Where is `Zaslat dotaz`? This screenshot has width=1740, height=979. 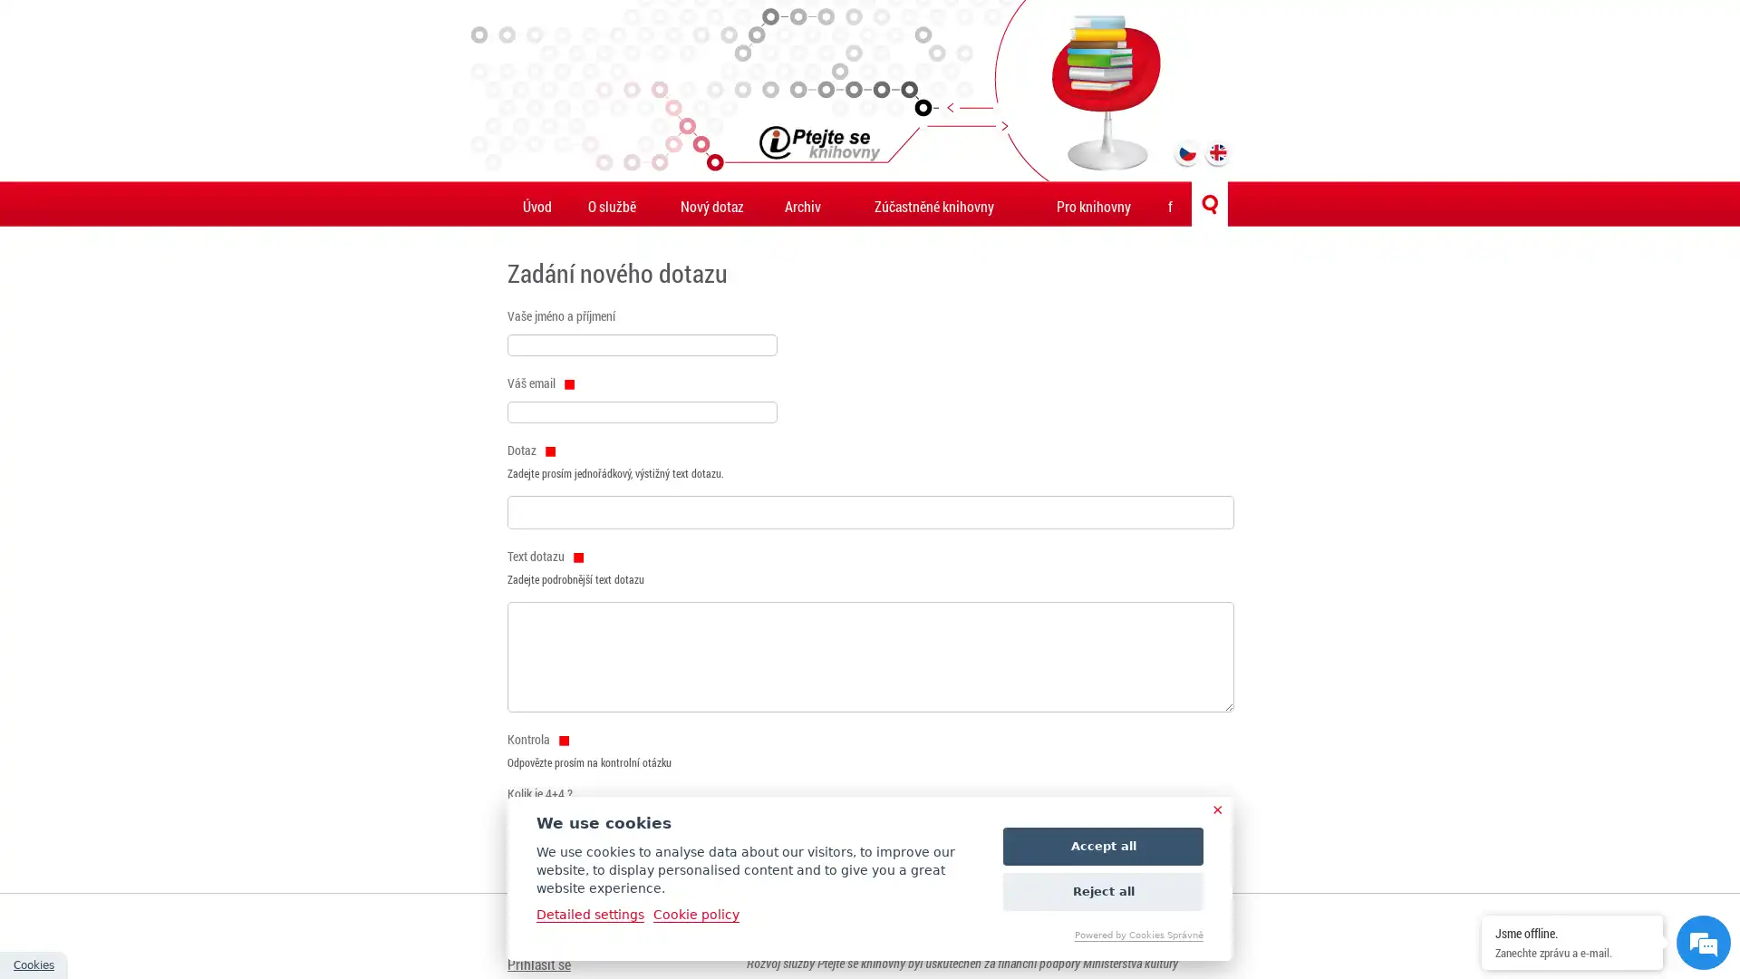
Zaslat dotaz is located at coordinates (548, 854).